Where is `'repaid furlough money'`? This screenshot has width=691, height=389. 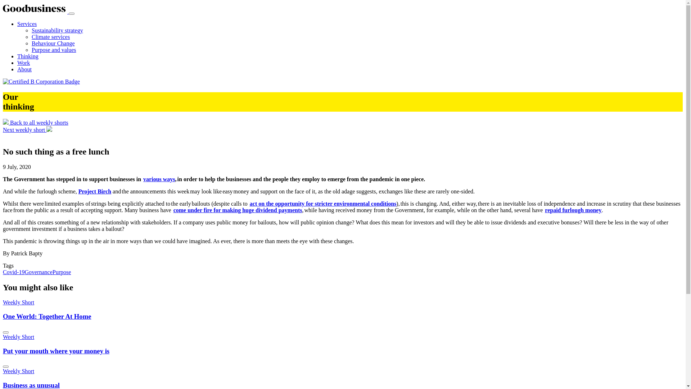
'repaid furlough money' is located at coordinates (573, 210).